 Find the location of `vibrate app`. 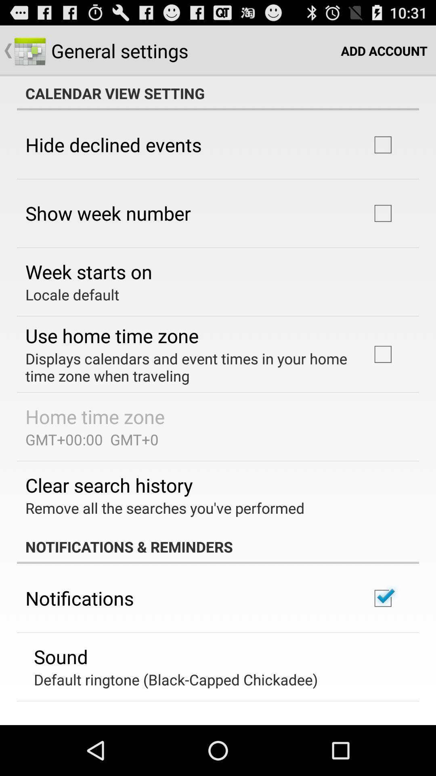

vibrate app is located at coordinates (63, 723).